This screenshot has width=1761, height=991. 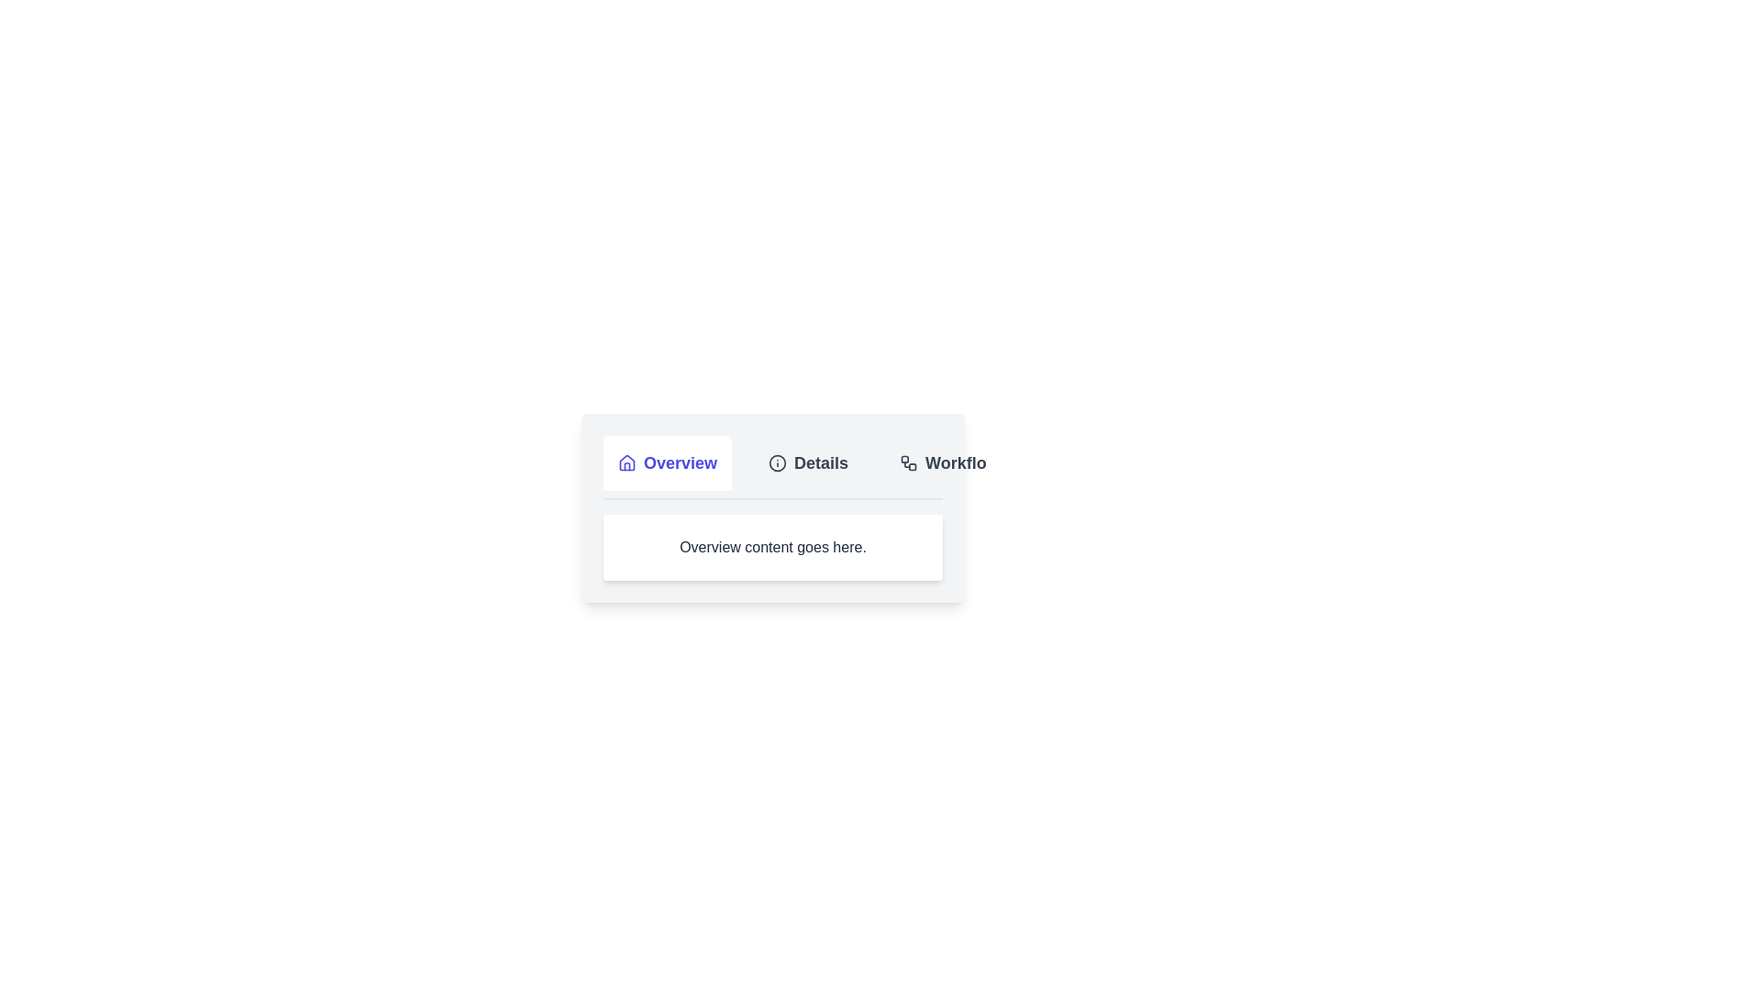 What do you see at coordinates (627, 462) in the screenshot?
I see `the 'Overview' tab icon located to the left of the text label 'Overview' in the tabbed navigation bar` at bounding box center [627, 462].